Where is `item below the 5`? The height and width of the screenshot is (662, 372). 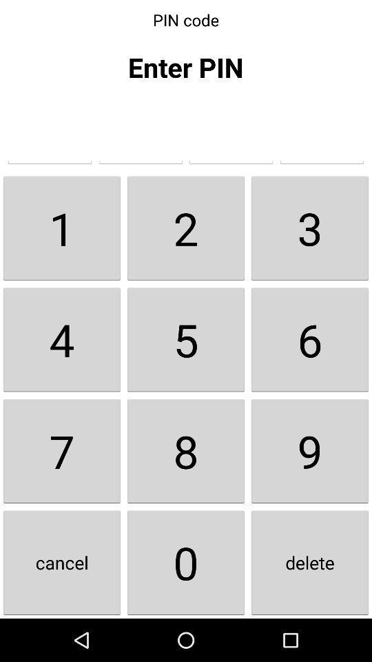 item below the 5 is located at coordinates (309, 450).